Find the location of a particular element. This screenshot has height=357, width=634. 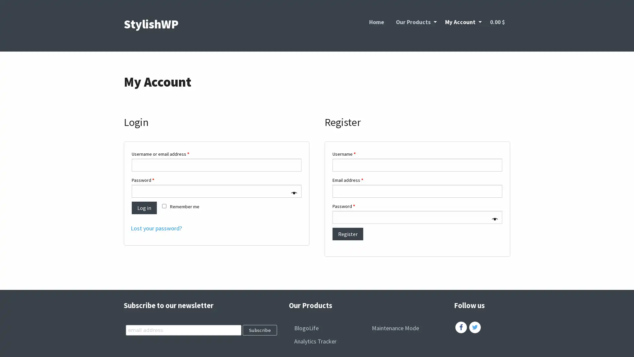

Log in is located at coordinates (144, 207).